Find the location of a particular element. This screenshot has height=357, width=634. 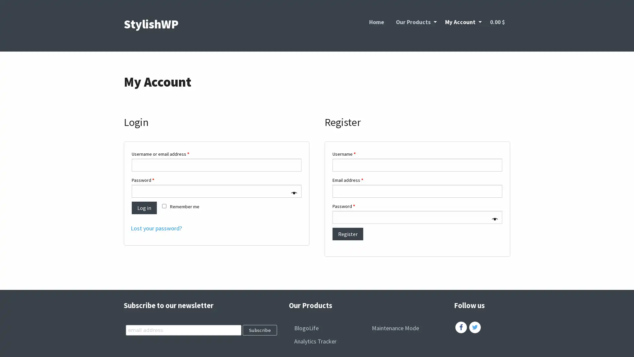

Log in is located at coordinates (144, 207).